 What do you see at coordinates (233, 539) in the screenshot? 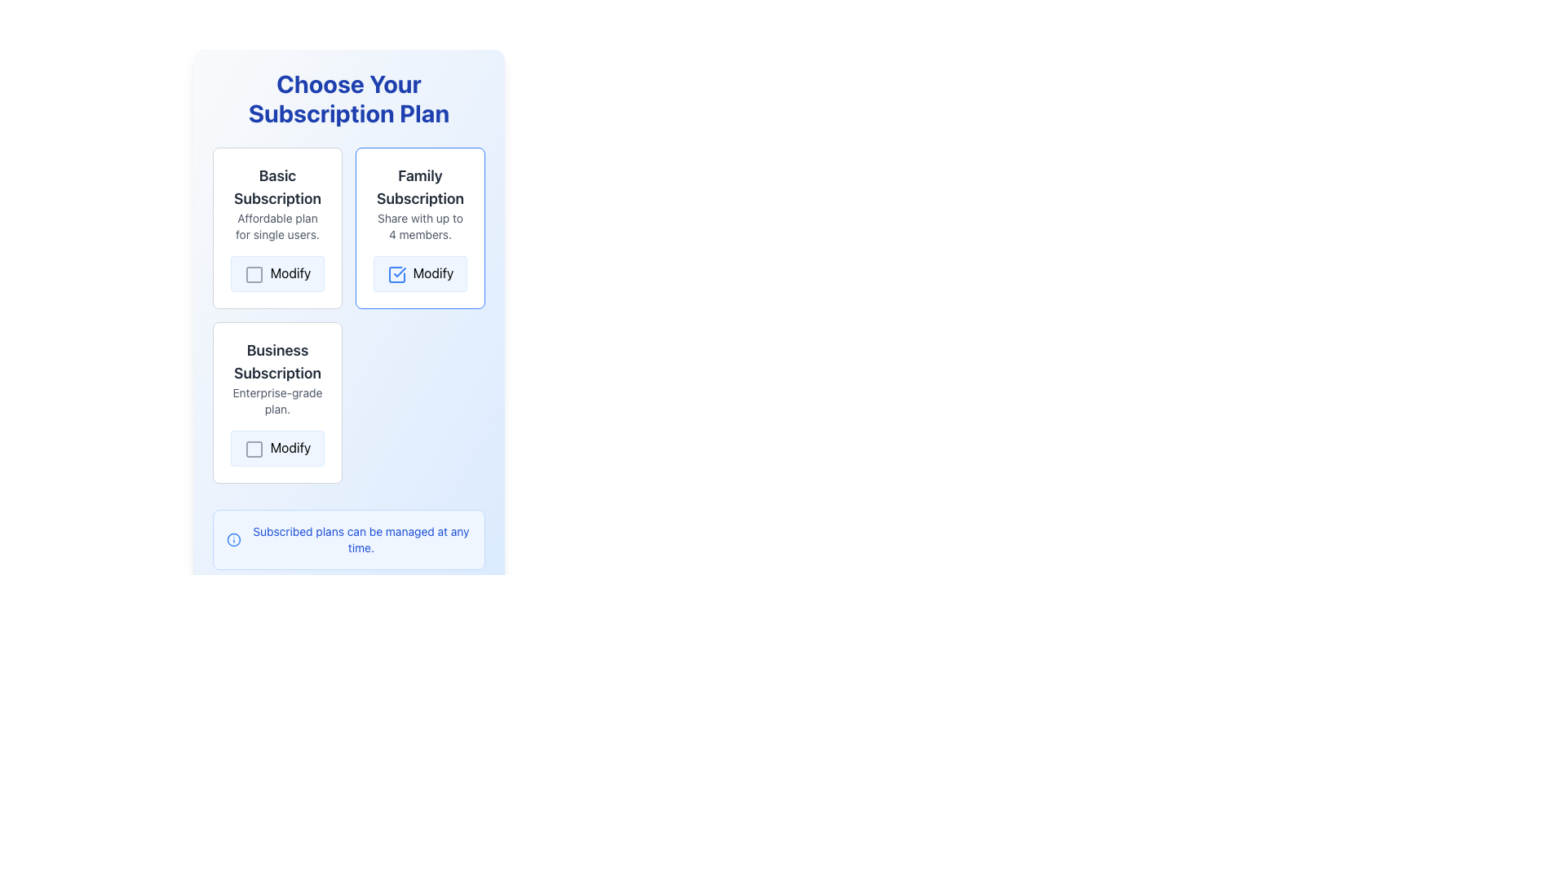
I see `the small circular blue 'info' icon located to the left of the text 'Subscribed plans can be managed at any time.' in the notification panel` at bounding box center [233, 539].